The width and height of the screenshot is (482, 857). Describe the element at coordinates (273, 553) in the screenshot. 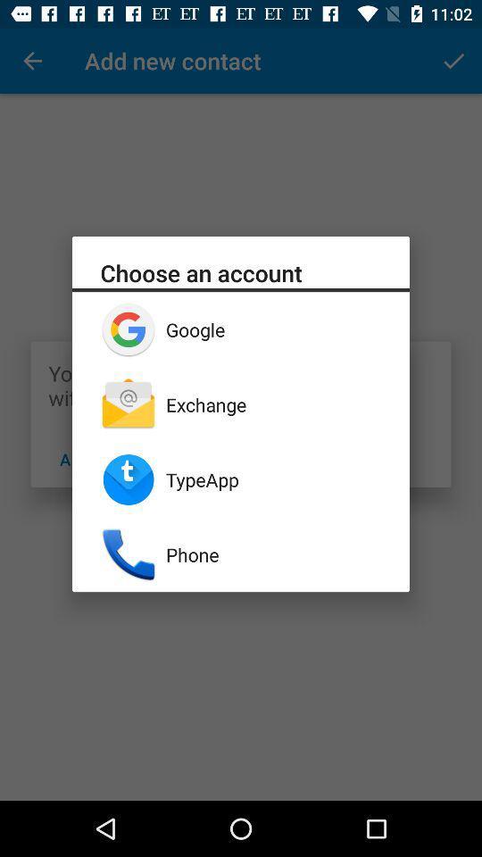

I see `phone app` at that location.